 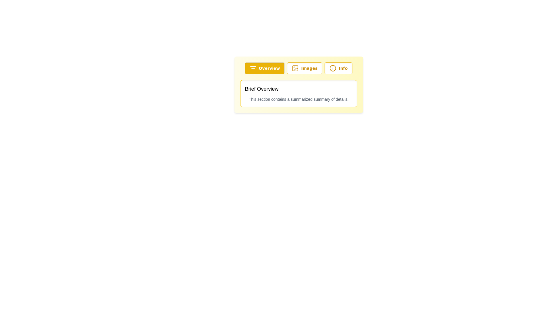 I want to click on the button located to the far right in a horizontal row of three buttons, which is expected, so click(x=338, y=68).